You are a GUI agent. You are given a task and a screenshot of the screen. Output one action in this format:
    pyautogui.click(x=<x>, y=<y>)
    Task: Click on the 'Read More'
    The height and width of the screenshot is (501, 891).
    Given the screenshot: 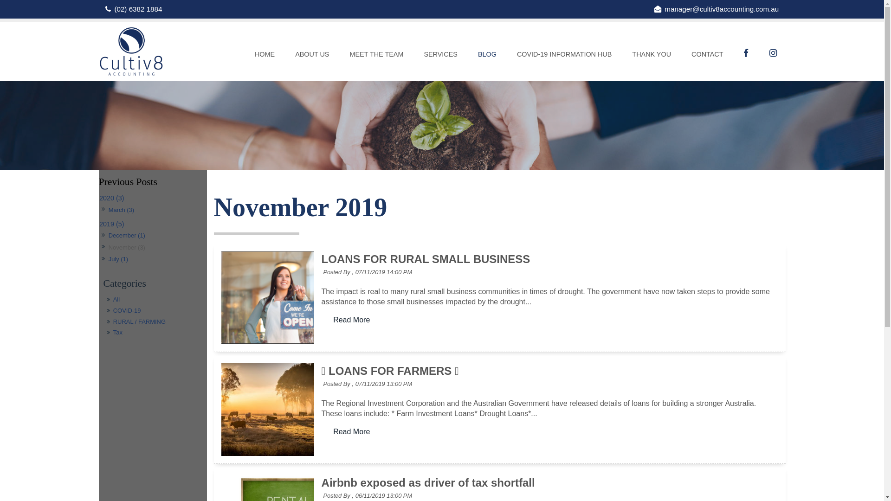 What is the action you would take?
    pyautogui.click(x=351, y=431)
    